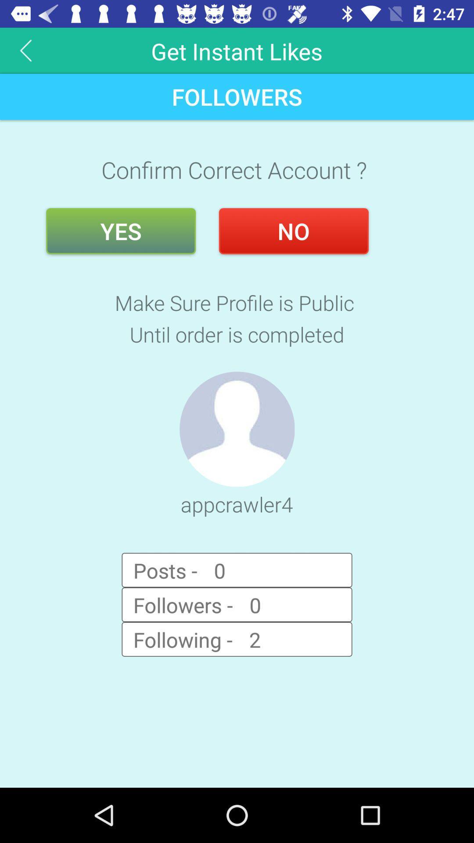 The image size is (474, 843). What do you see at coordinates (121, 231) in the screenshot?
I see `the item next to no` at bounding box center [121, 231].